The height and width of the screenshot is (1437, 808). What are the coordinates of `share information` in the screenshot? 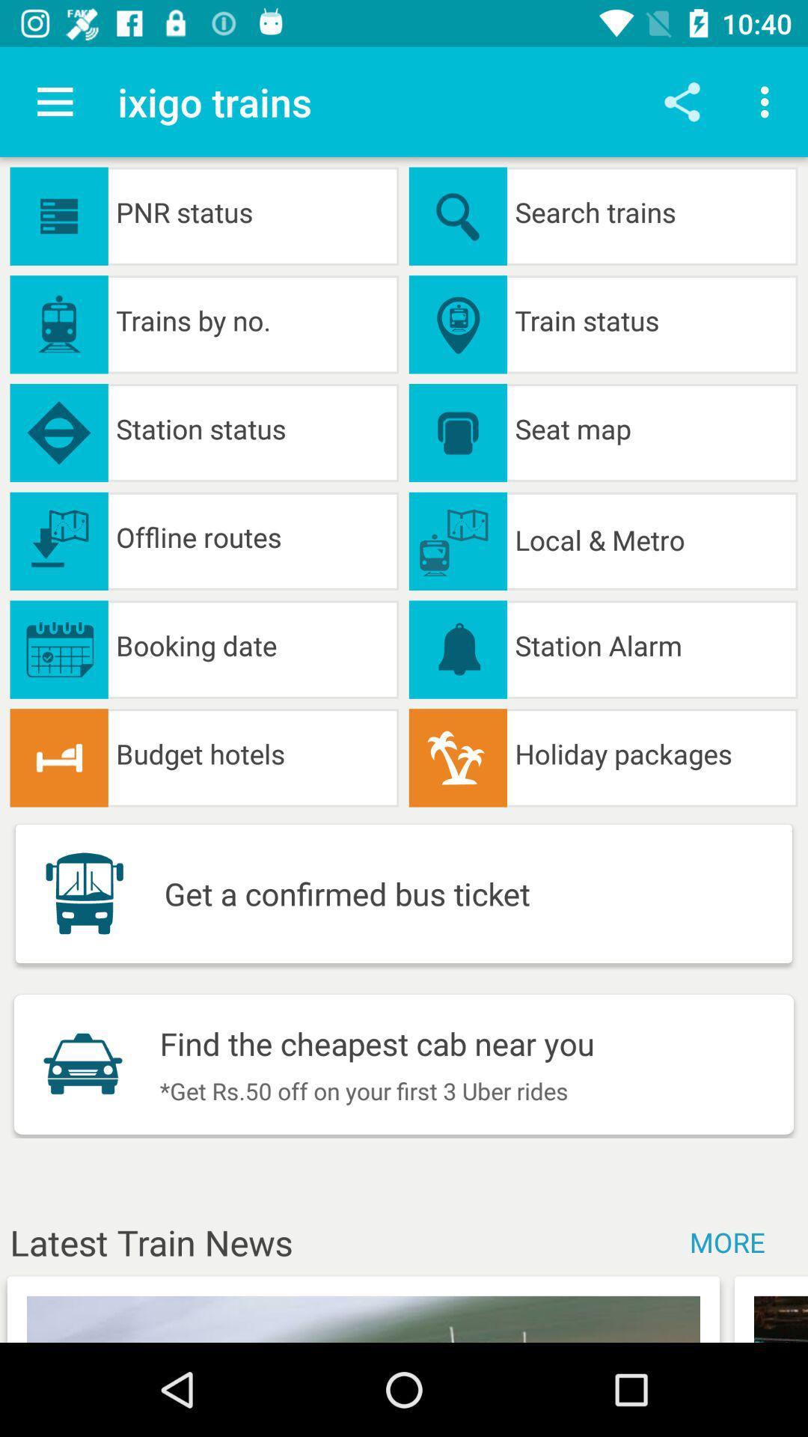 It's located at (682, 101).